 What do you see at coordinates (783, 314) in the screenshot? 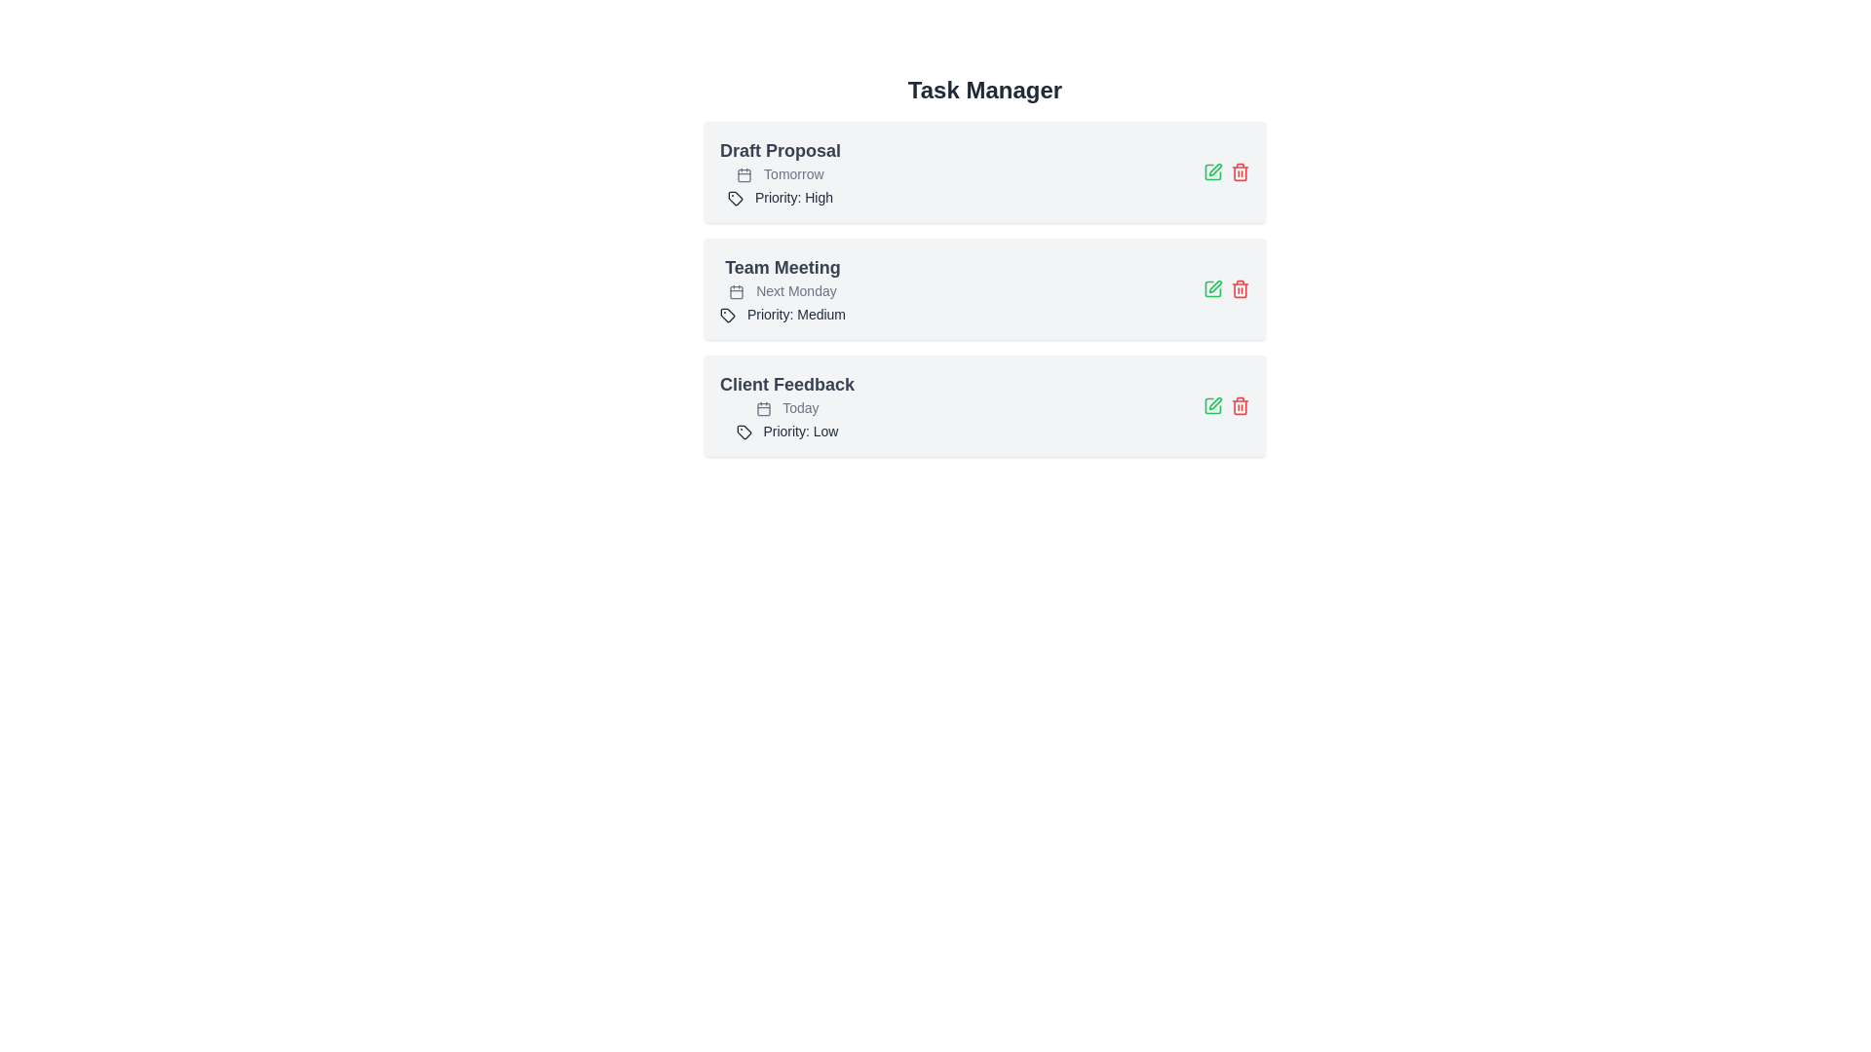
I see `the 'Medium' priority level text label located within the 'Team Meeting' card, positioned below the subheading 'Next Monday'` at bounding box center [783, 314].